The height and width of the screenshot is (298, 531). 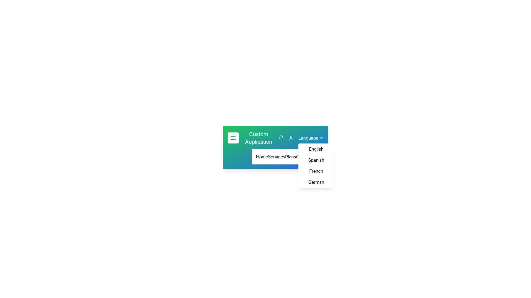 I want to click on the text label reading 'French' in the vertical dropdown menu, so click(x=316, y=171).